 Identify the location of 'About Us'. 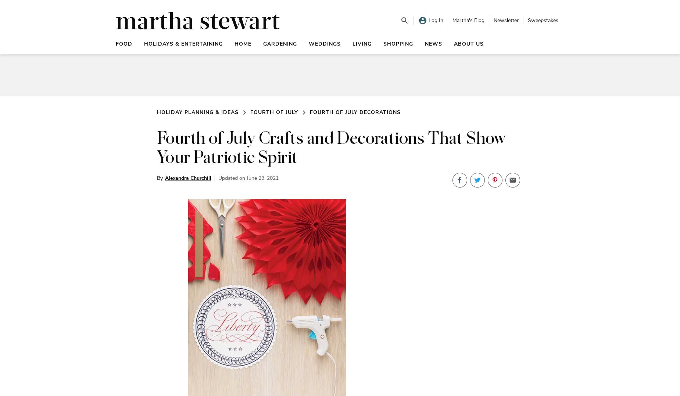
(468, 43).